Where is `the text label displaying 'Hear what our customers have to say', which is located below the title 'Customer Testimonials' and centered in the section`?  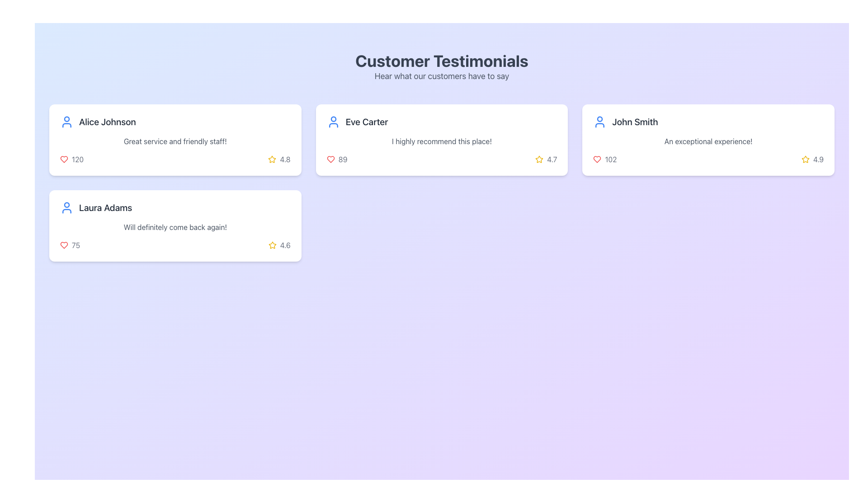
the text label displaying 'Hear what our customers have to say', which is located below the title 'Customer Testimonials' and centered in the section is located at coordinates (442, 76).